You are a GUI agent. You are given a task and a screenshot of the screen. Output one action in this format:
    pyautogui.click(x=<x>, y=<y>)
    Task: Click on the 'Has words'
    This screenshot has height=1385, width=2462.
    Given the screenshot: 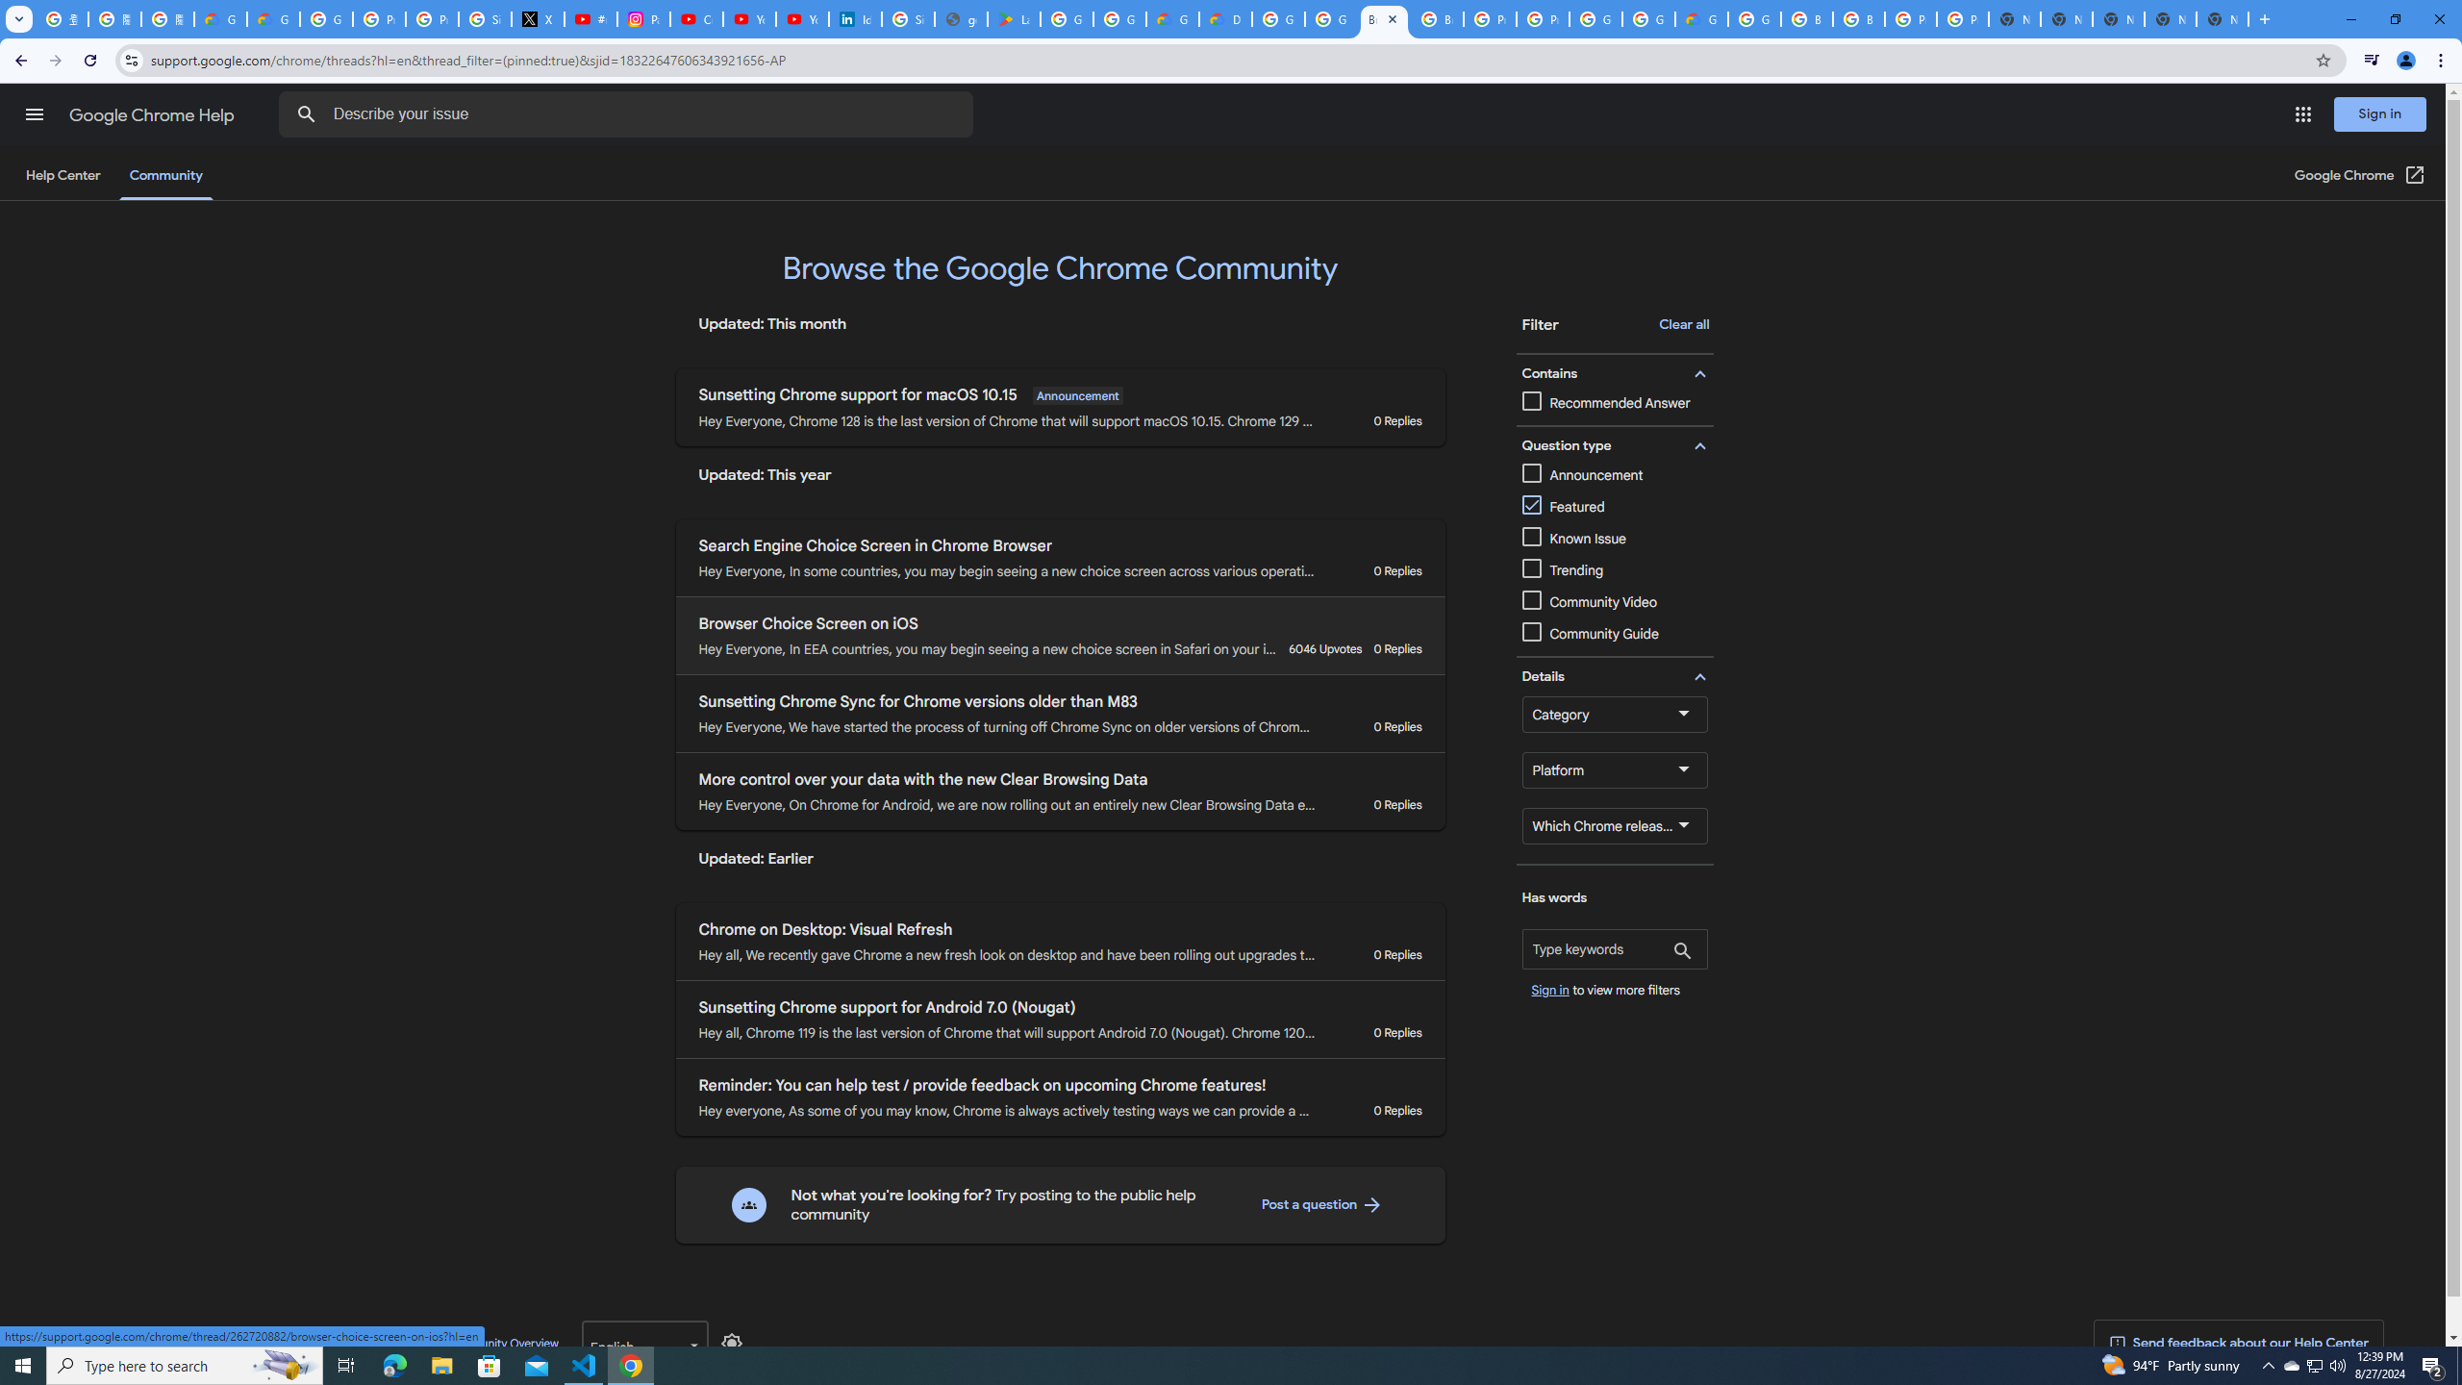 What is the action you would take?
    pyautogui.click(x=1615, y=949)
    